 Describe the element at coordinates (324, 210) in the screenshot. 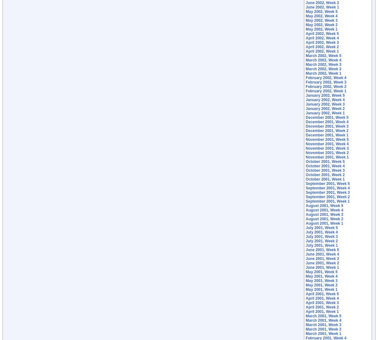

I see `'August 2001, Week 4'` at that location.